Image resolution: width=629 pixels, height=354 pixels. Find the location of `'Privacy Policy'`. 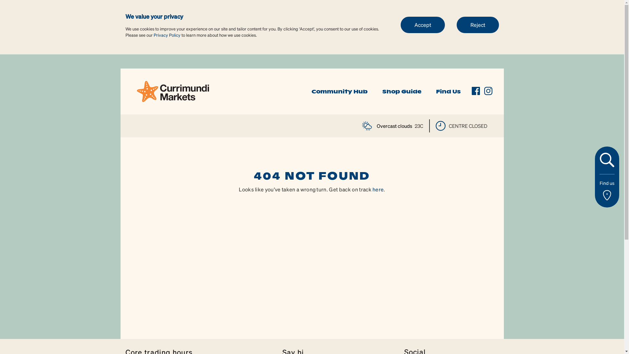

'Privacy Policy' is located at coordinates (153, 35).